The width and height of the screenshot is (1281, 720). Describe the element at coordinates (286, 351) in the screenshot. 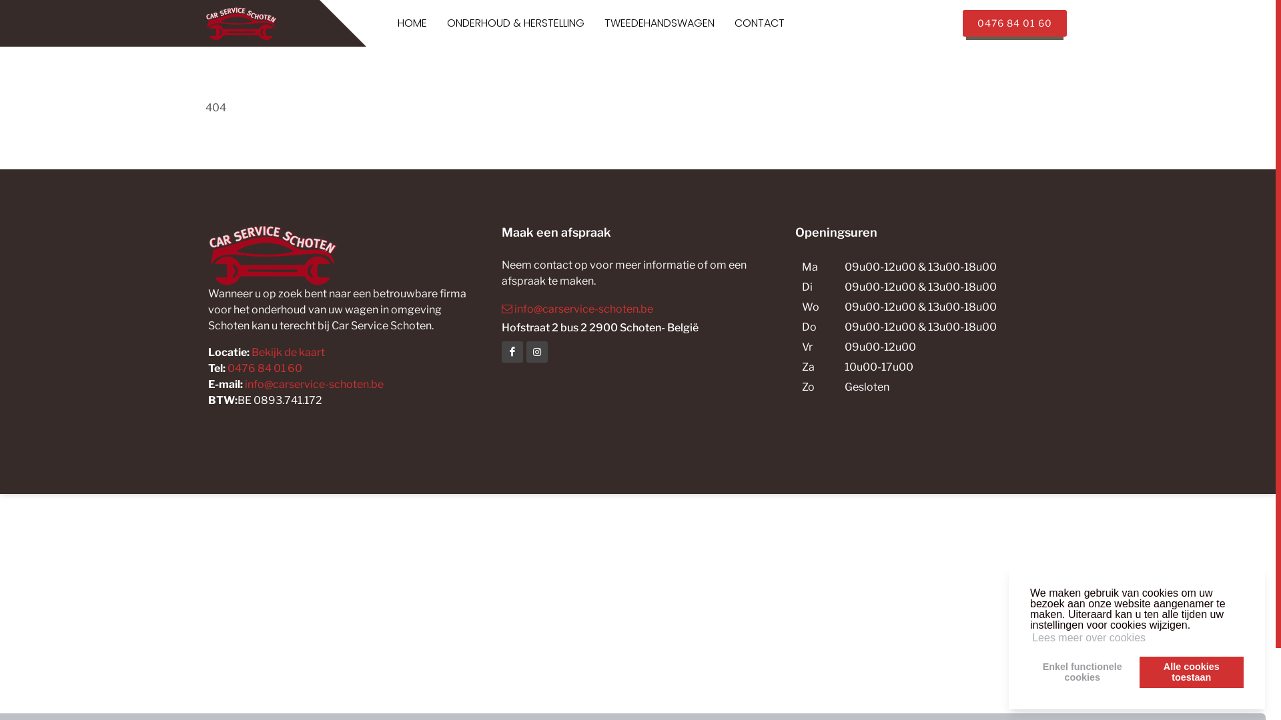

I see `'Bekijk de kaart'` at that location.